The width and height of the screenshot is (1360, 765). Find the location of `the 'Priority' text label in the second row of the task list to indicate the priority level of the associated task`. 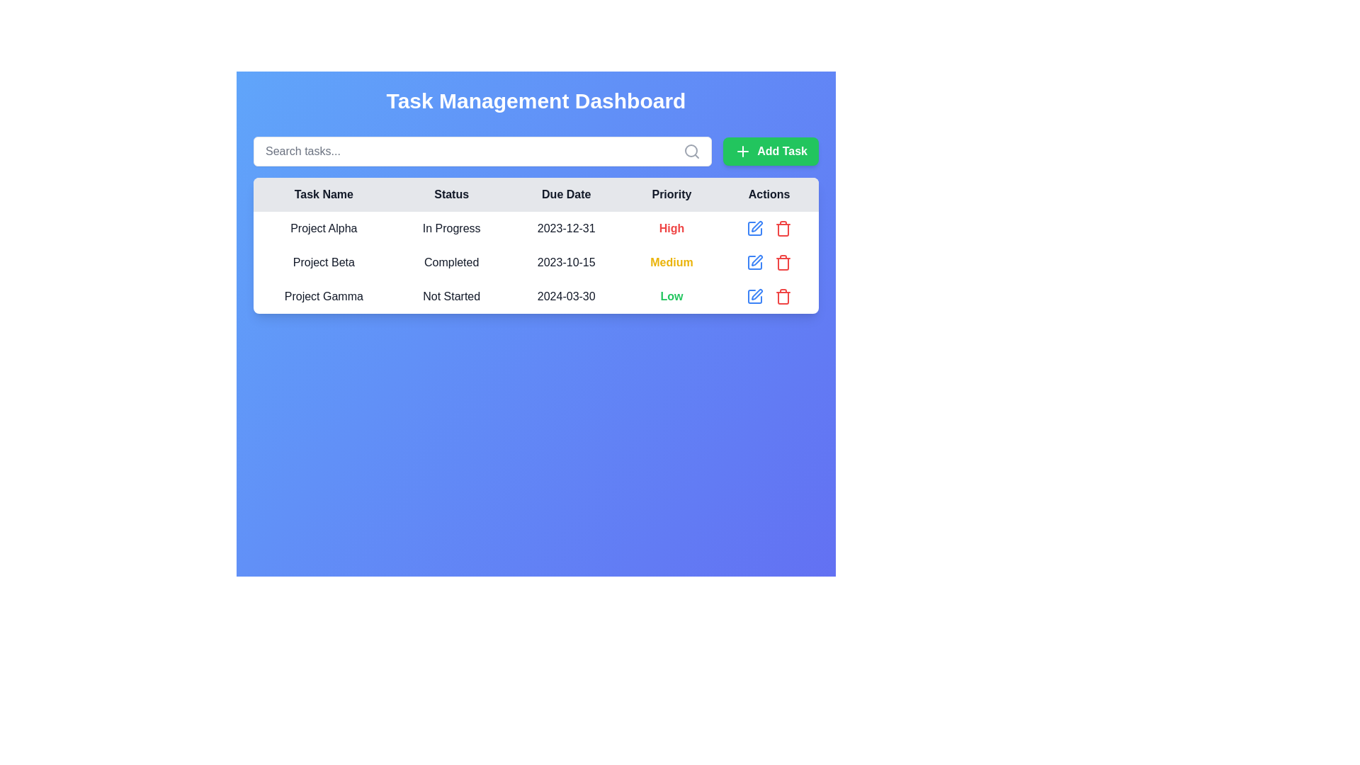

the 'Priority' text label in the second row of the task list to indicate the priority level of the associated task is located at coordinates (671, 262).